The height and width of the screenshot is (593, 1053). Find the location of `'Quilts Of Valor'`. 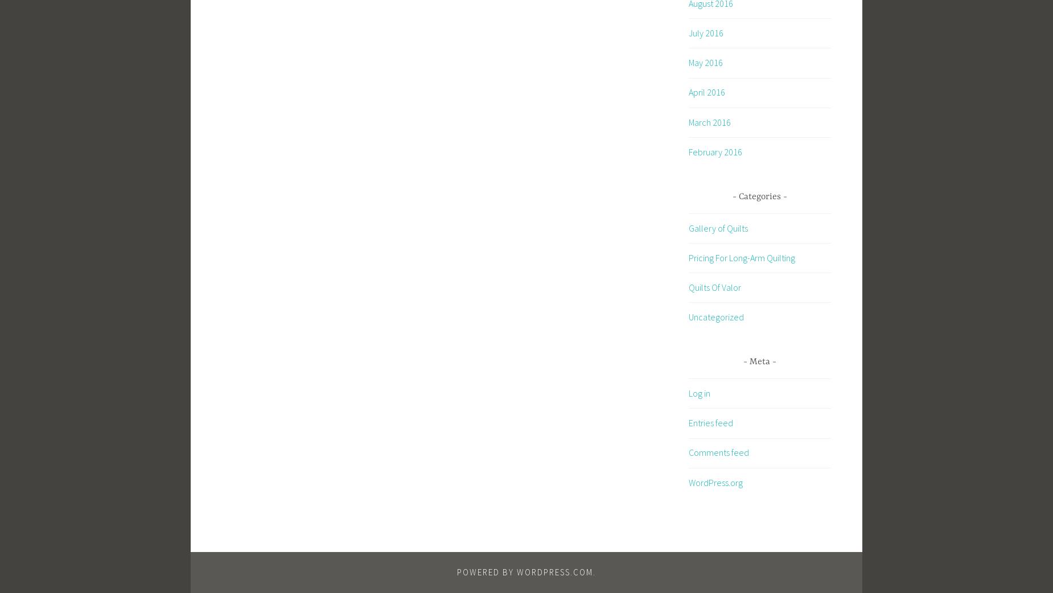

'Quilts Of Valor' is located at coordinates (688, 287).